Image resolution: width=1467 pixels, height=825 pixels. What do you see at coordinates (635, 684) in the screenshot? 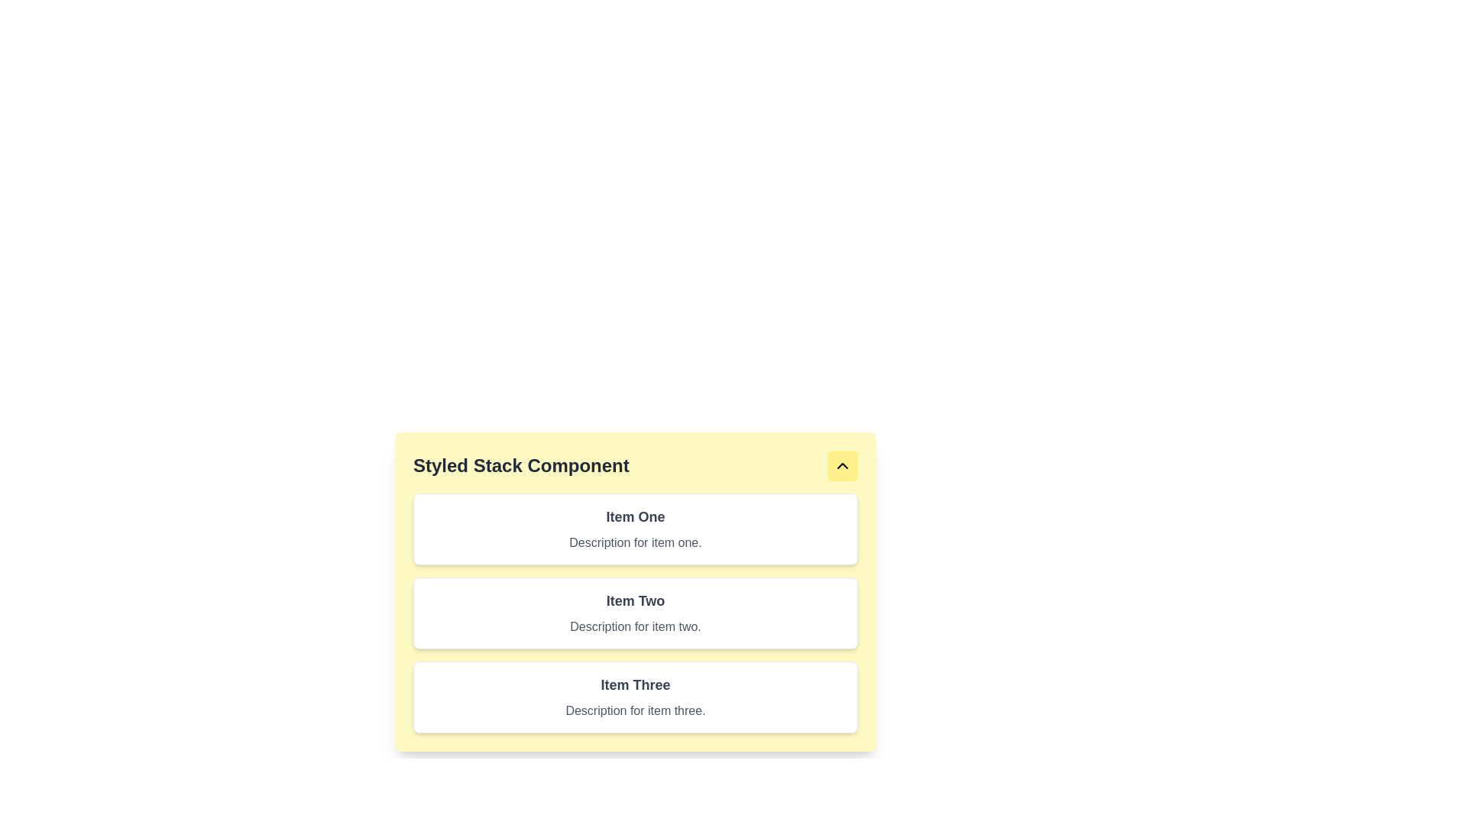
I see `title text of the third card in the 'Styled Stack Component', which serves as a heading identifying the content of the card` at bounding box center [635, 684].